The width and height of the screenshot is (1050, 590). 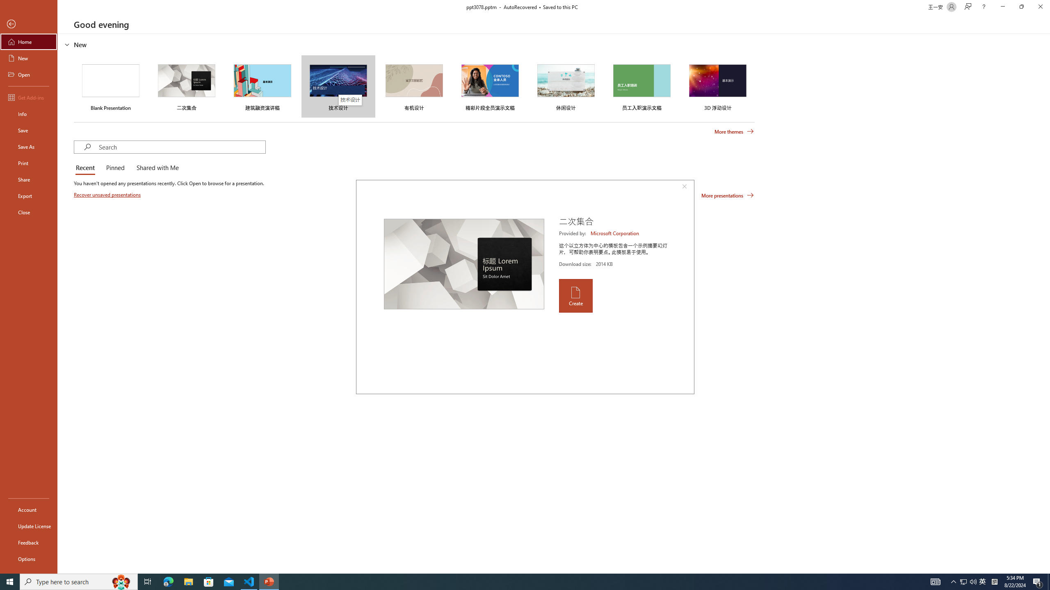 What do you see at coordinates (575, 295) in the screenshot?
I see `'Create'` at bounding box center [575, 295].